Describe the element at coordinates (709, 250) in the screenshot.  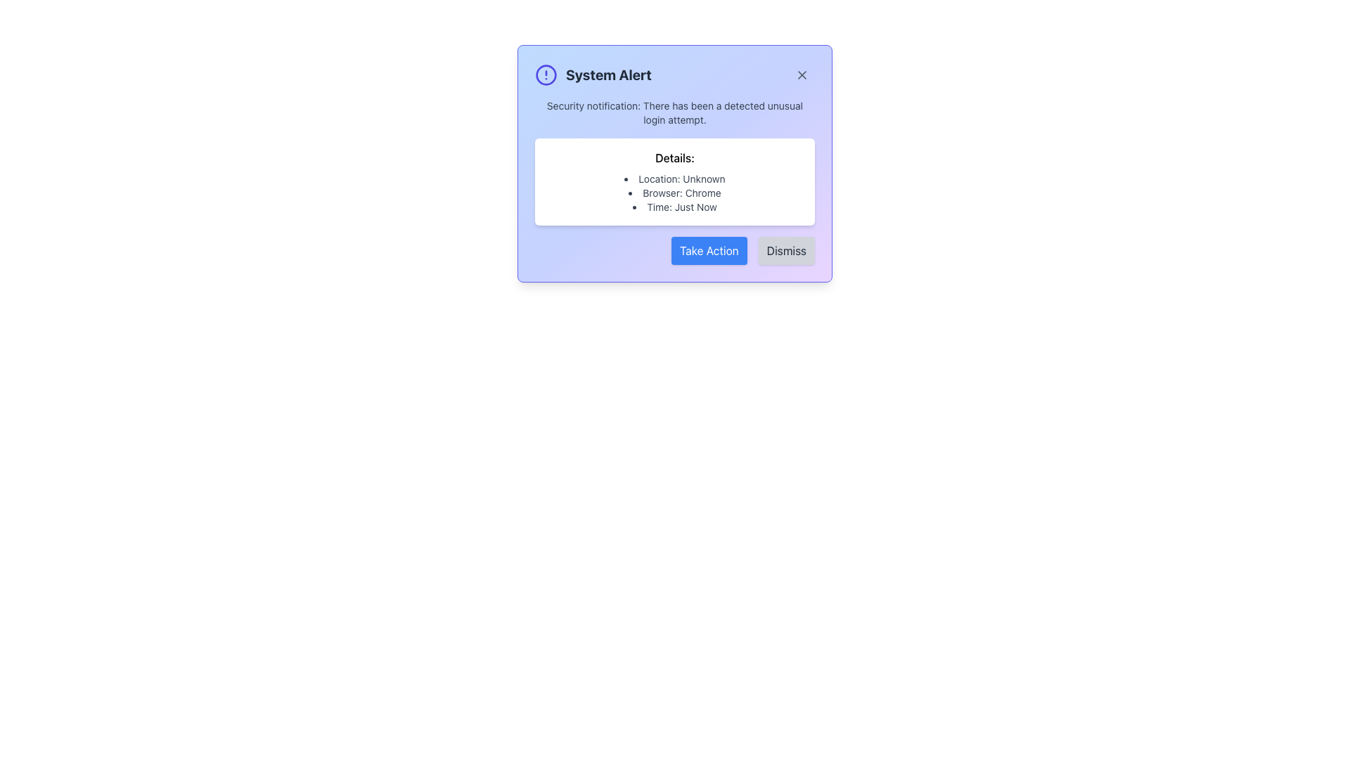
I see `the 'Take Action' button located at the bottom-right section of the alert dialog box` at that location.